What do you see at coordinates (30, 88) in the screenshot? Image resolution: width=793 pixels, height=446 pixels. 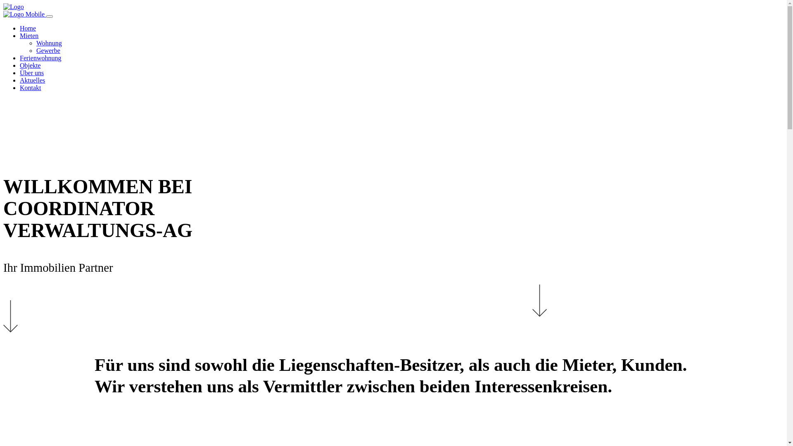 I see `'Kontakt'` at bounding box center [30, 88].